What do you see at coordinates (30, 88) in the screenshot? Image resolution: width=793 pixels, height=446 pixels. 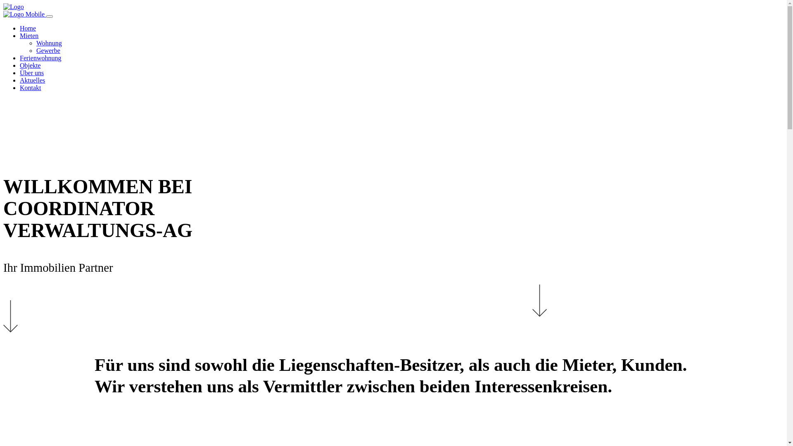 I see `'Kontakt'` at bounding box center [30, 88].